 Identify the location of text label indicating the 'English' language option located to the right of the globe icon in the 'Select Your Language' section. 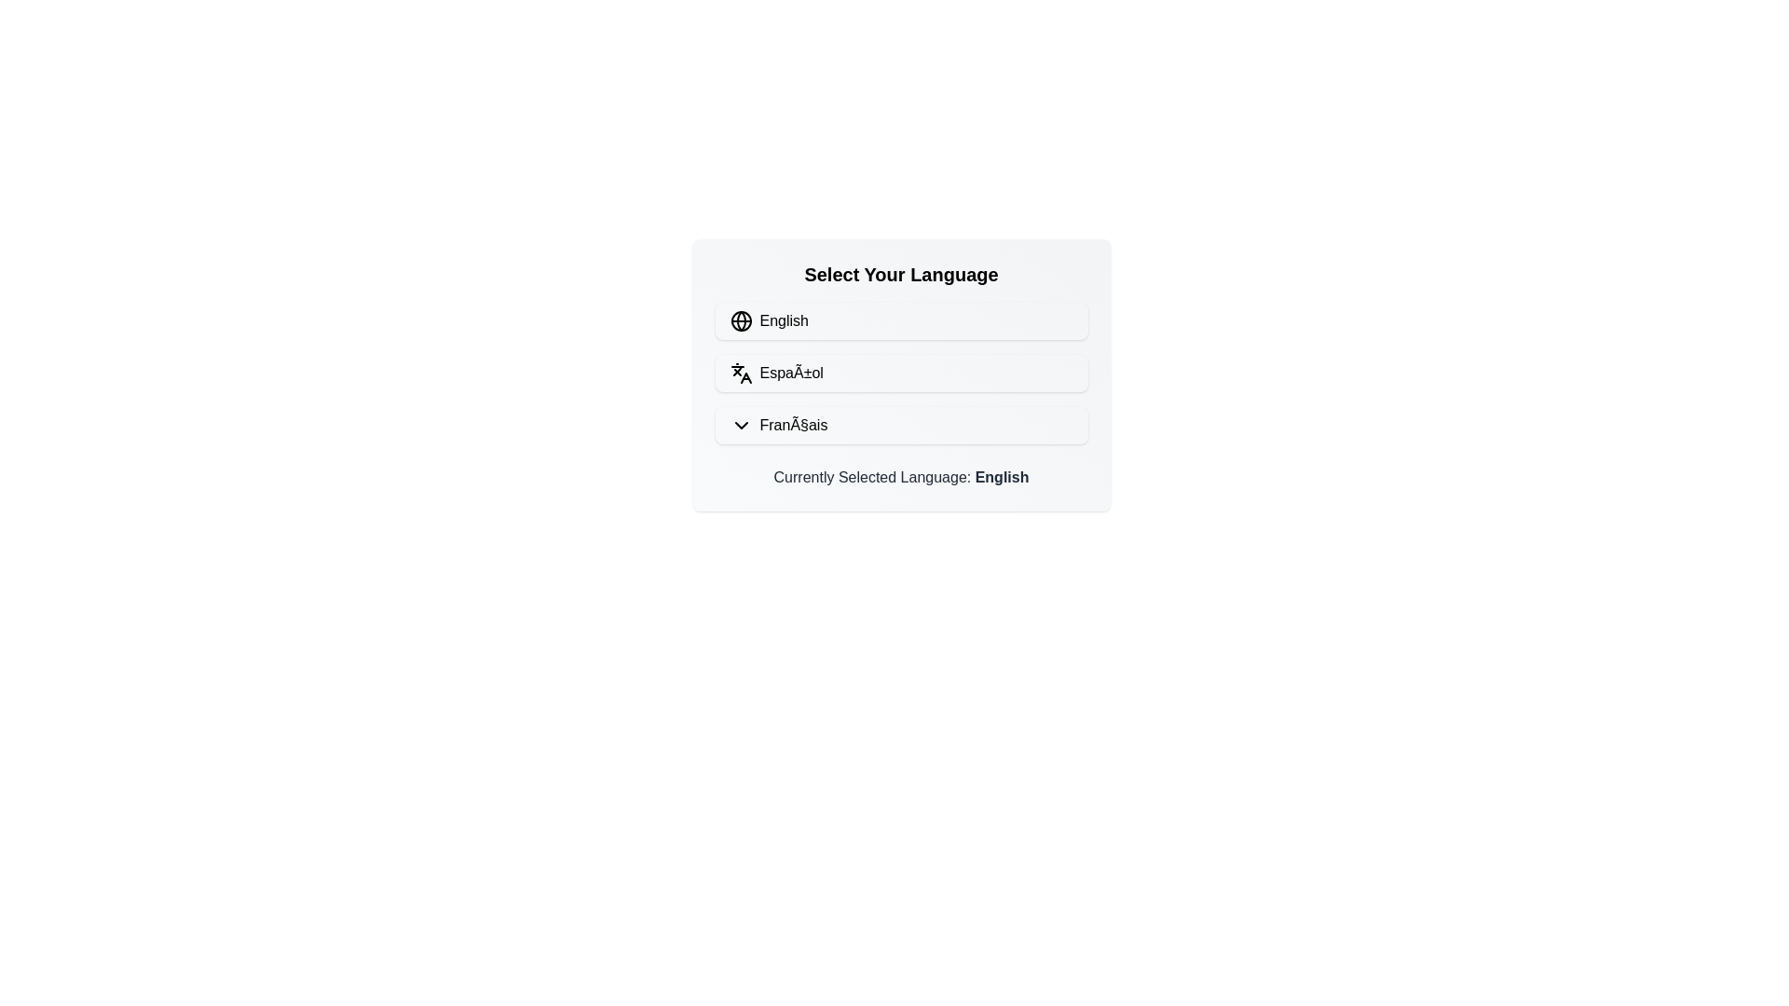
(784, 319).